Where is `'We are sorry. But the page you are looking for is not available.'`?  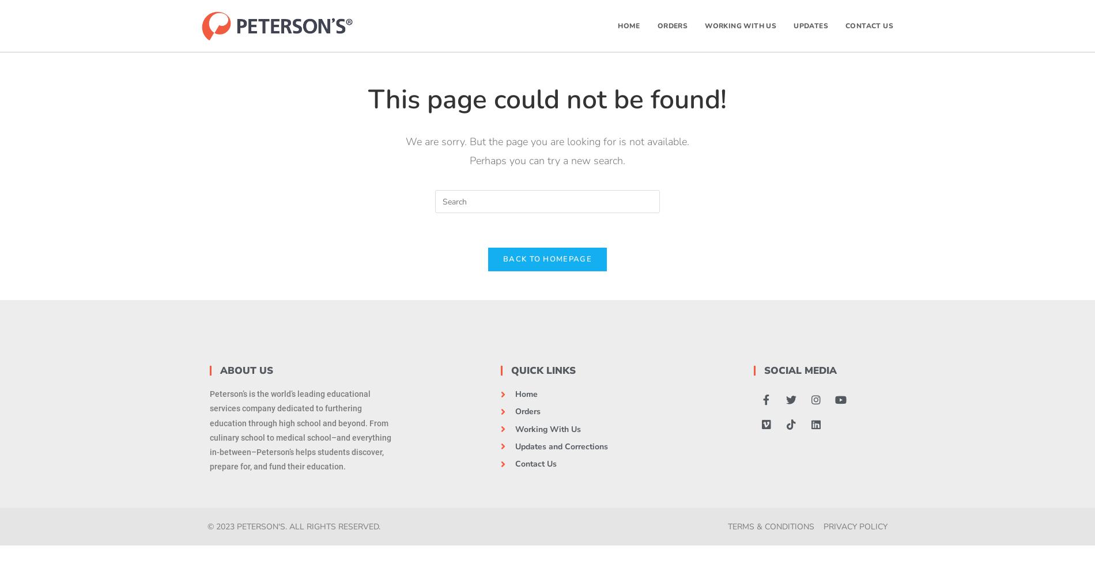
'We are sorry. But the page you are looking for is not available.' is located at coordinates (547, 141).